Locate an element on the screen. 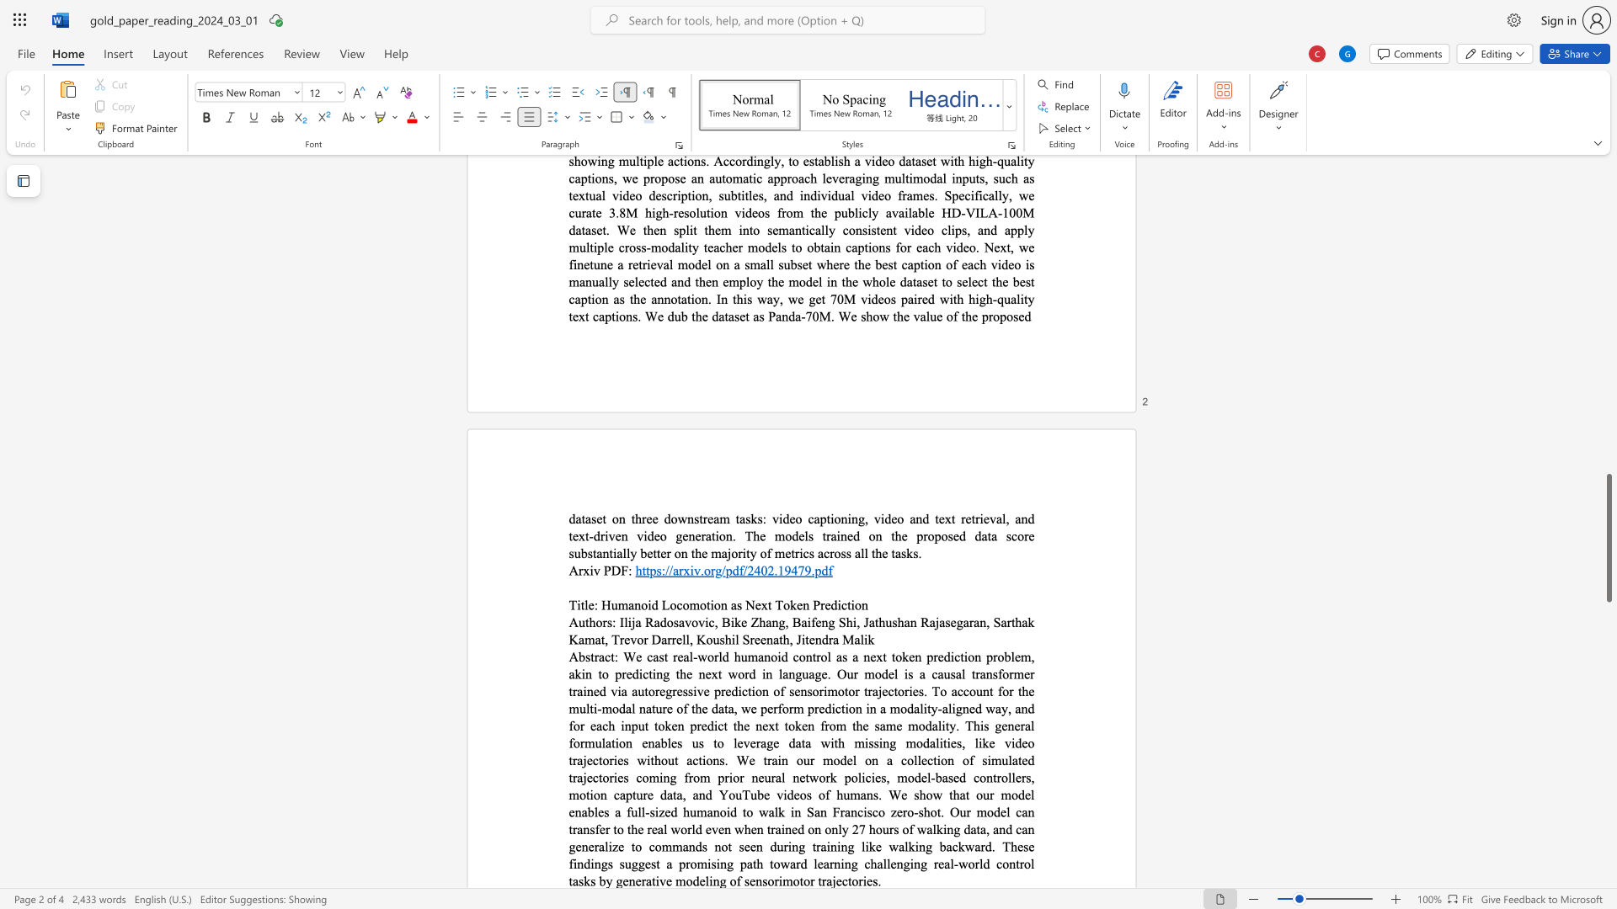 The width and height of the screenshot is (1617, 909). the scrollbar to slide the page up is located at coordinates (1608, 386).